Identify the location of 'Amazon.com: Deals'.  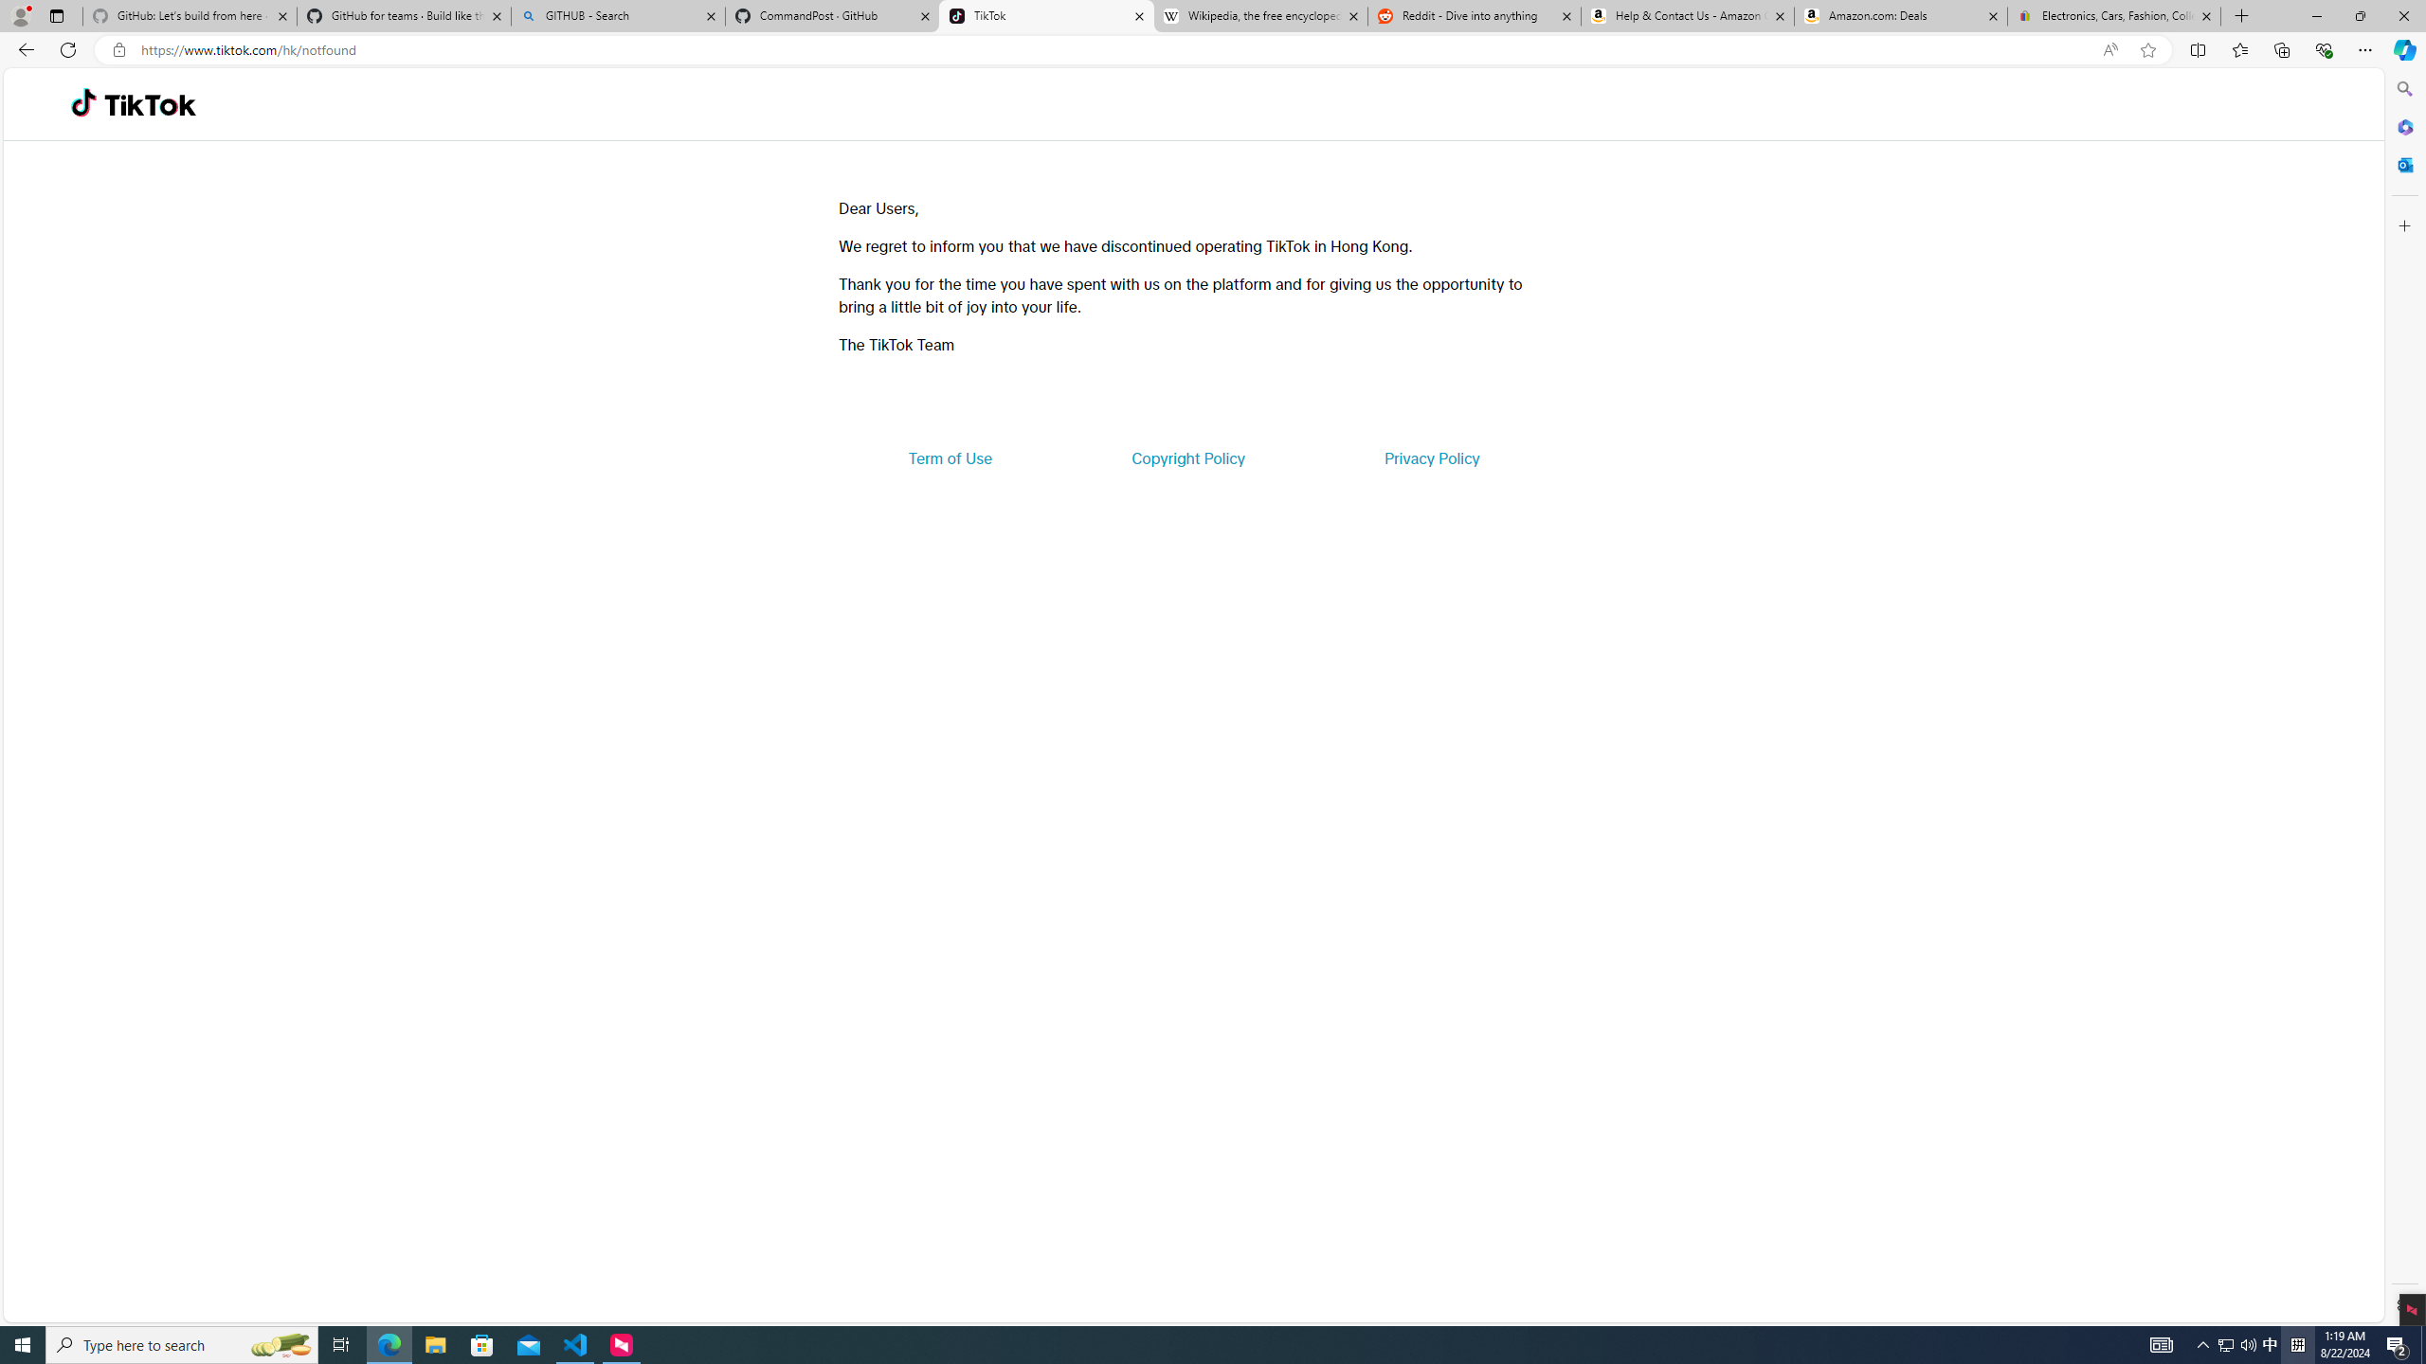
(1900, 15).